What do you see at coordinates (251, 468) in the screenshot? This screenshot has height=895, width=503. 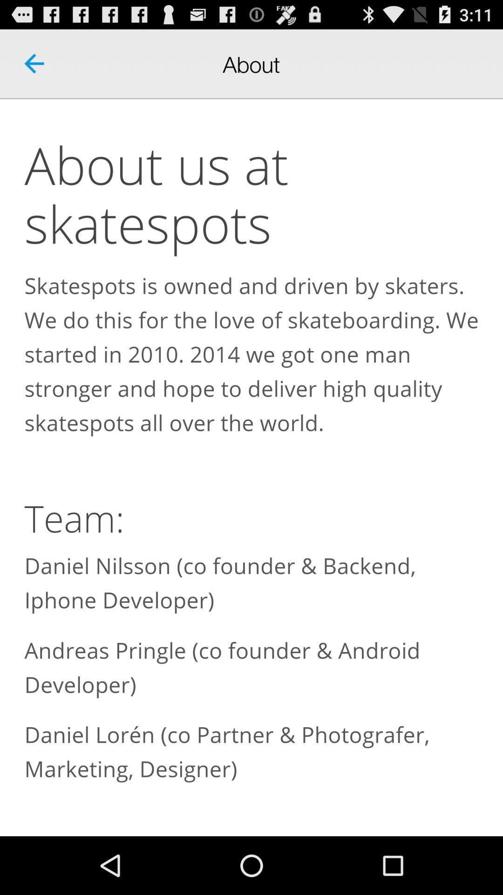 I see `about us section` at bounding box center [251, 468].